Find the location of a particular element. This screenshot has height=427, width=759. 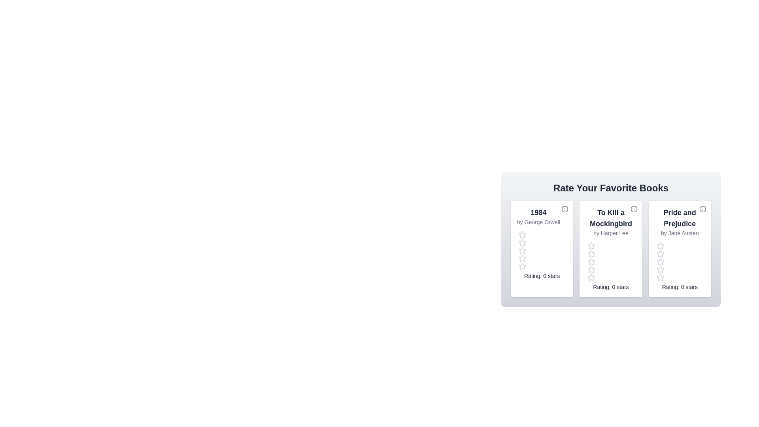

the info icon for the book titled 'To Kill a Mockingbird' to view its details is located at coordinates (634, 208).